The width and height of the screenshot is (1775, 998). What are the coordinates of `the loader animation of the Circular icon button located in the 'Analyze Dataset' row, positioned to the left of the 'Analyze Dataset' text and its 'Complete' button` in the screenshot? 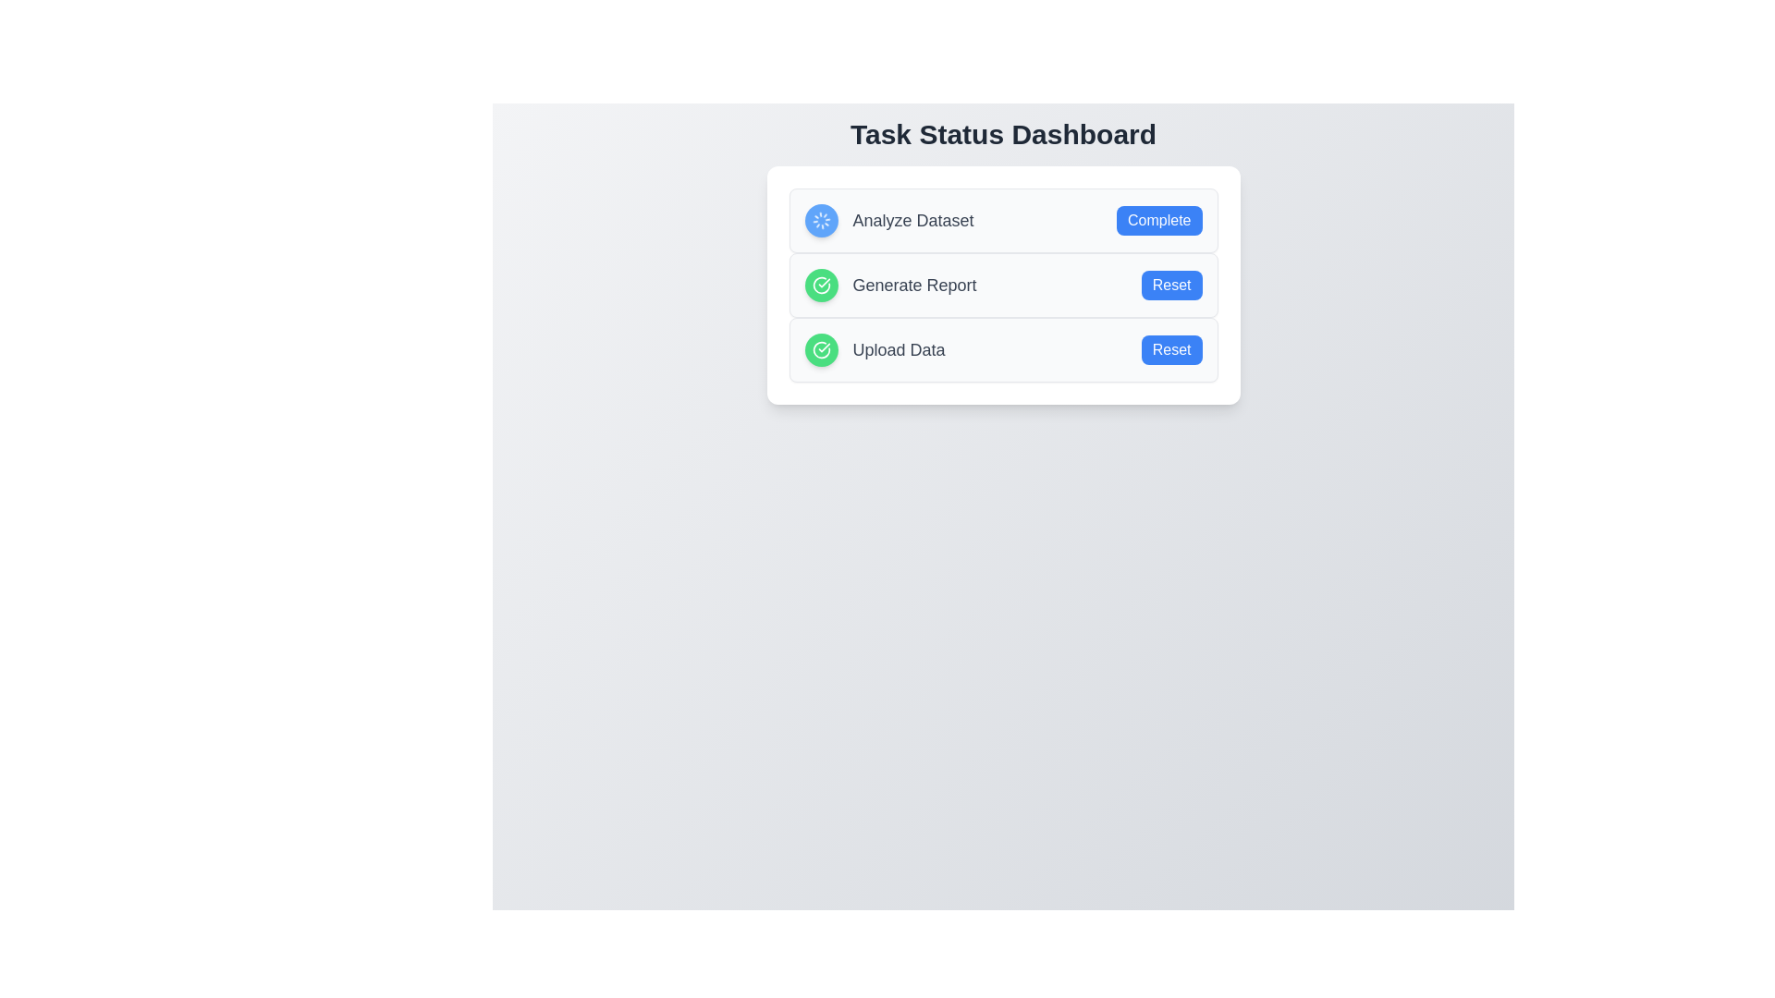 It's located at (820, 220).